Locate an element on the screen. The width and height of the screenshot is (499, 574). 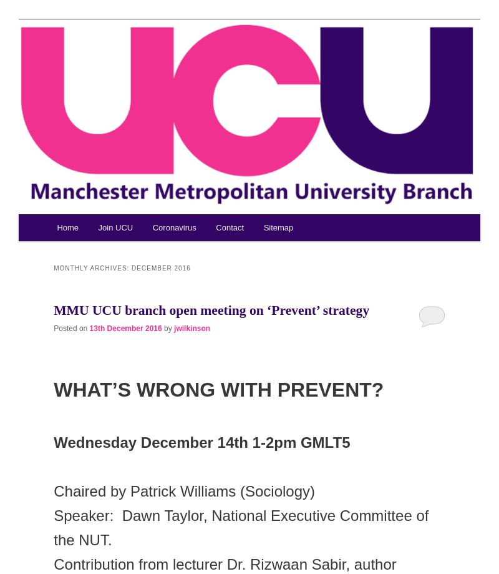
'jwilkinson' is located at coordinates (191, 327).